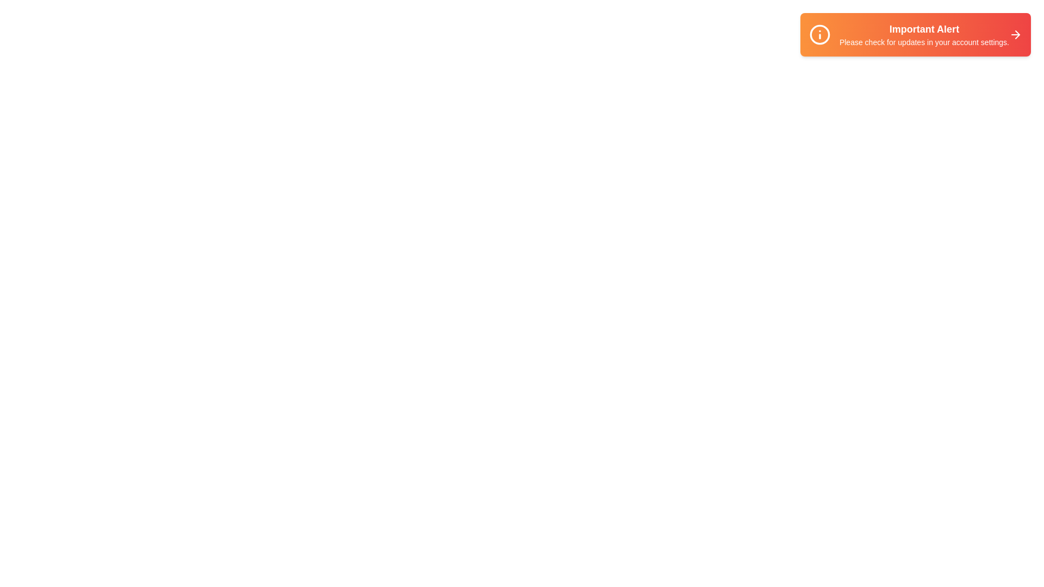  Describe the element at coordinates (1015, 34) in the screenshot. I see `the dismiss button (arrow icon) to hide the snackbar` at that location.